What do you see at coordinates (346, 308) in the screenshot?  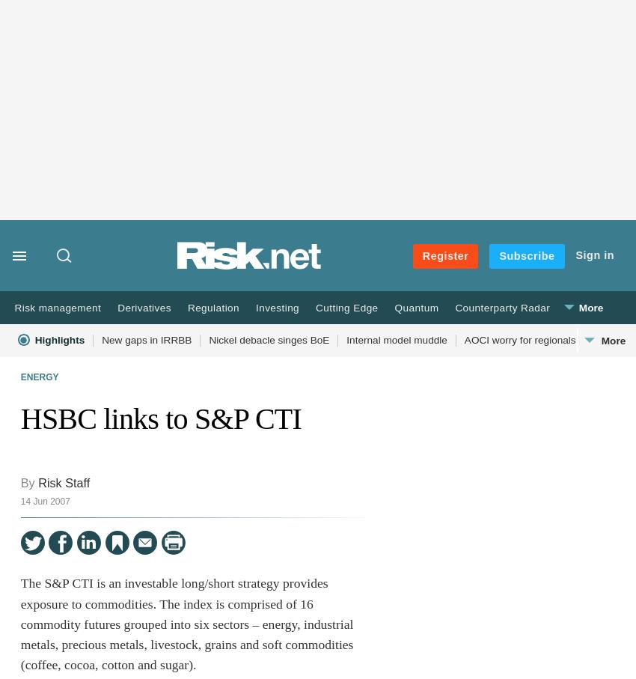 I see `'Cutting Edge'` at bounding box center [346, 308].